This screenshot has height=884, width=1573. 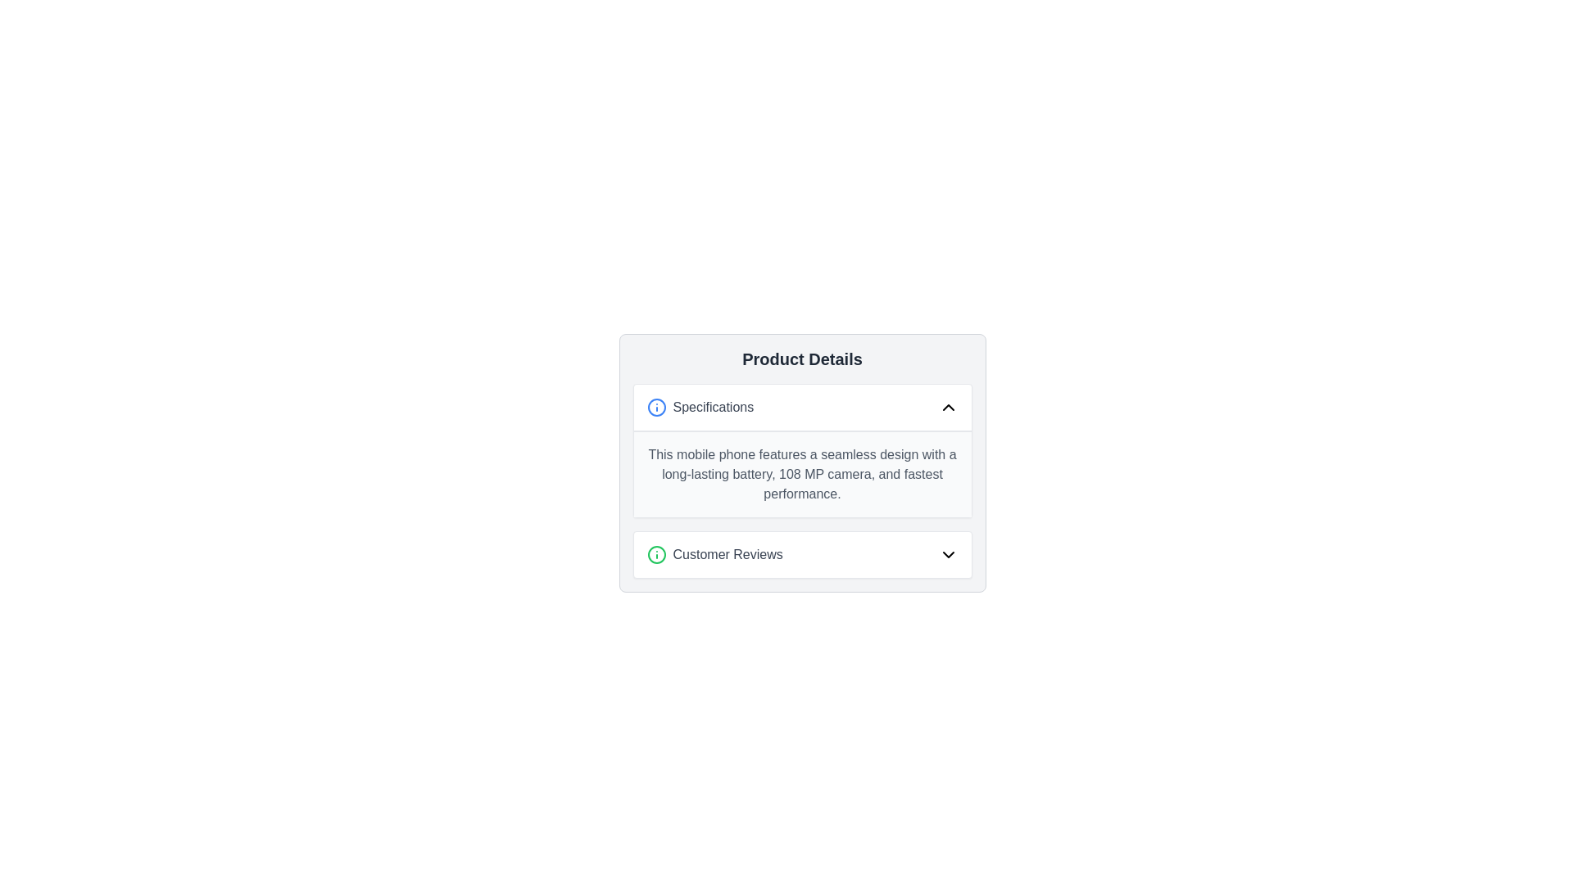 I want to click on the 'Customer Reviews' text label, which is styled with a gray medium-weight font and is located in the bottom section of the 'Product Details' group, adjacent to an information icon, so click(x=727, y=554).